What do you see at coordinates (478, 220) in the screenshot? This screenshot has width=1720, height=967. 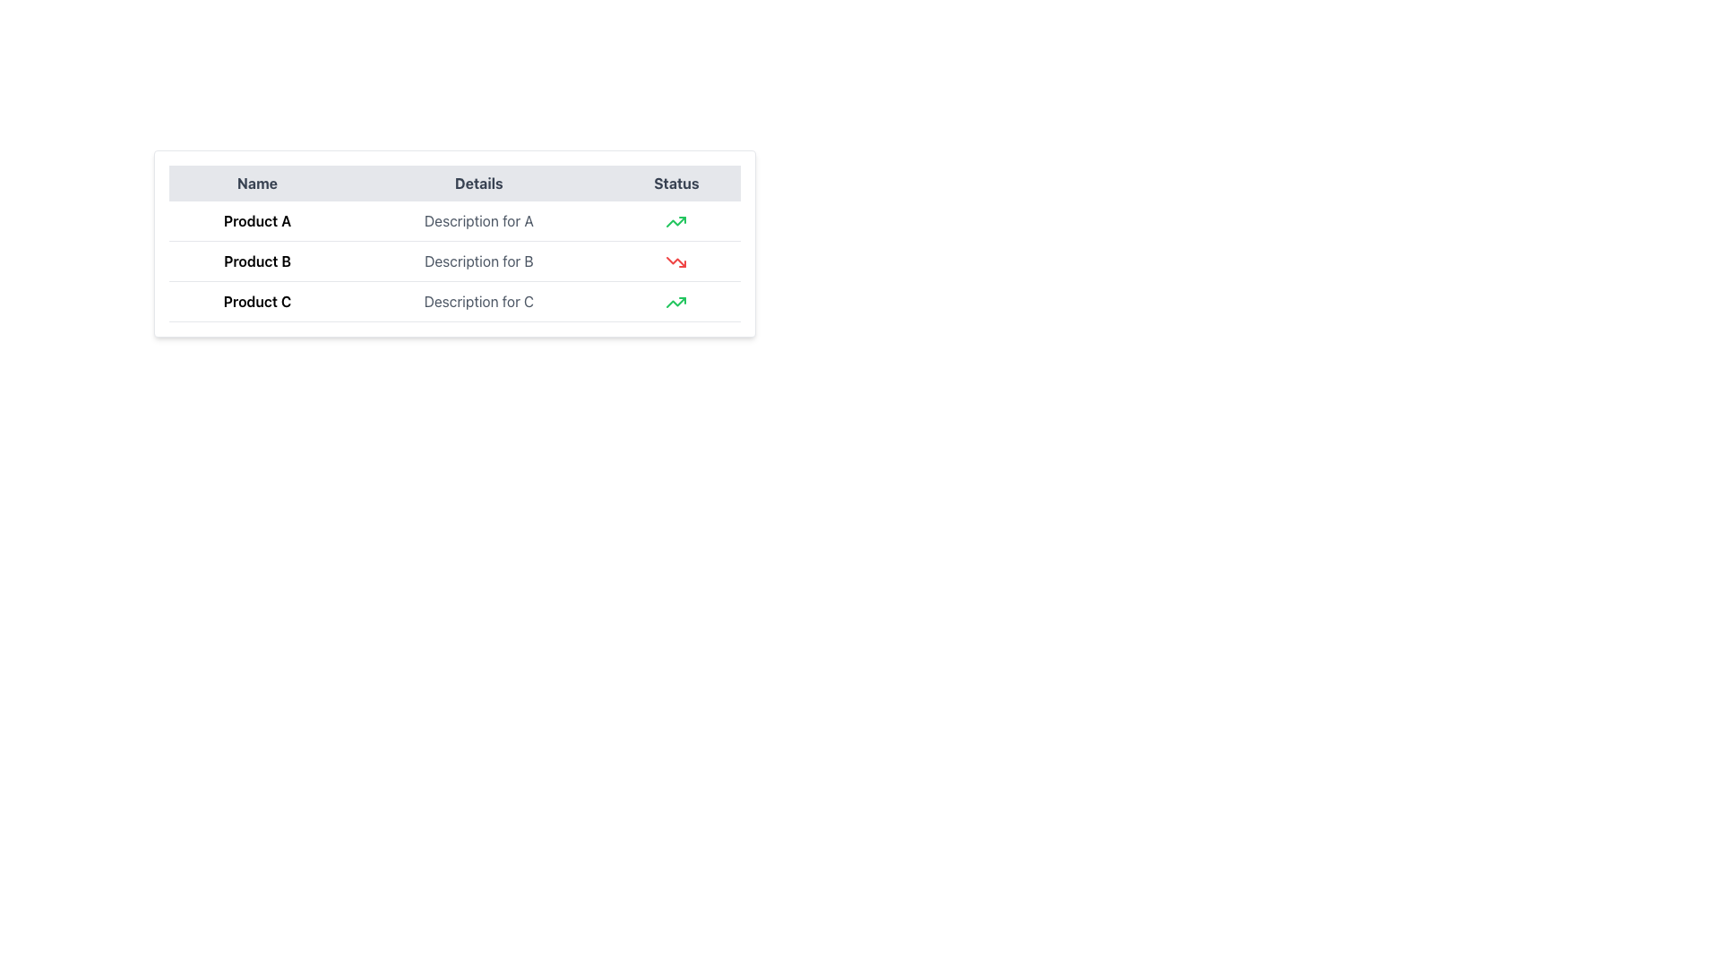 I see `the text label 'Description for A' in the second column of the first row of the table, which is styled in a lightweight typeface and has a gray font color` at bounding box center [478, 220].